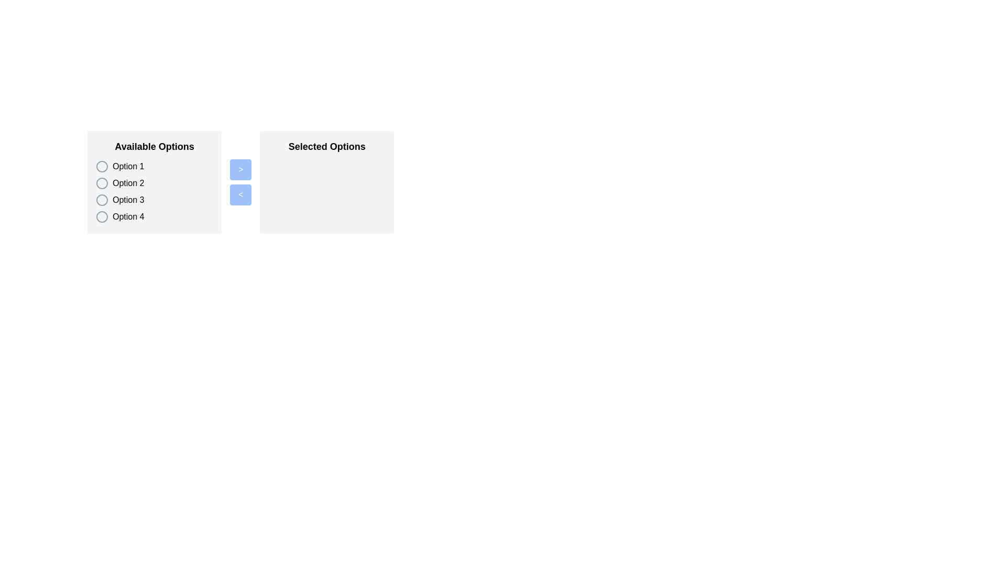  What do you see at coordinates (102, 200) in the screenshot?
I see `the circular radio button styled with a gray outline, located to the left of 'Option 3' in the vertically aligned list under 'Available Options'` at bounding box center [102, 200].